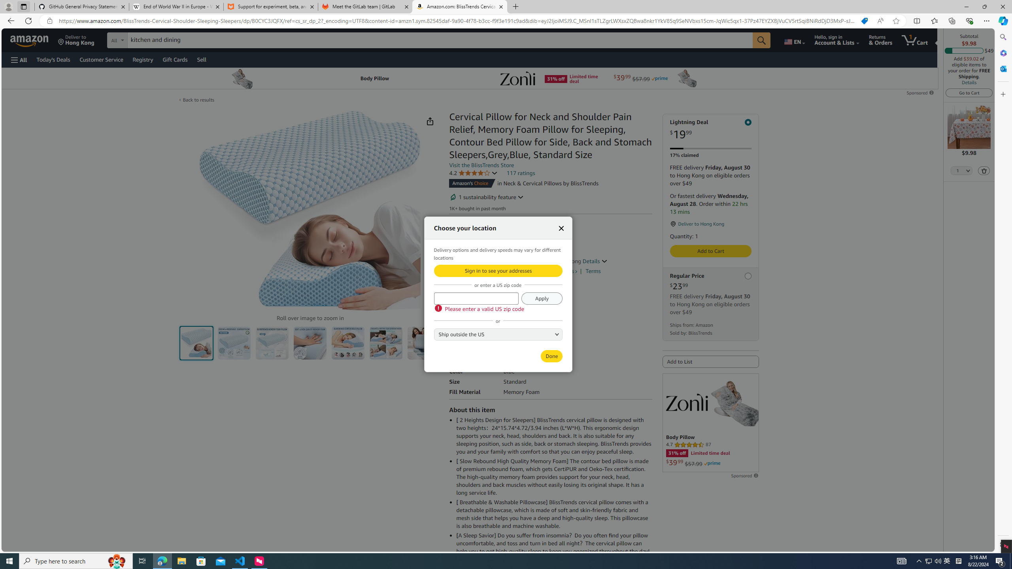 The image size is (1012, 569). I want to click on 'Registry', so click(142, 59).